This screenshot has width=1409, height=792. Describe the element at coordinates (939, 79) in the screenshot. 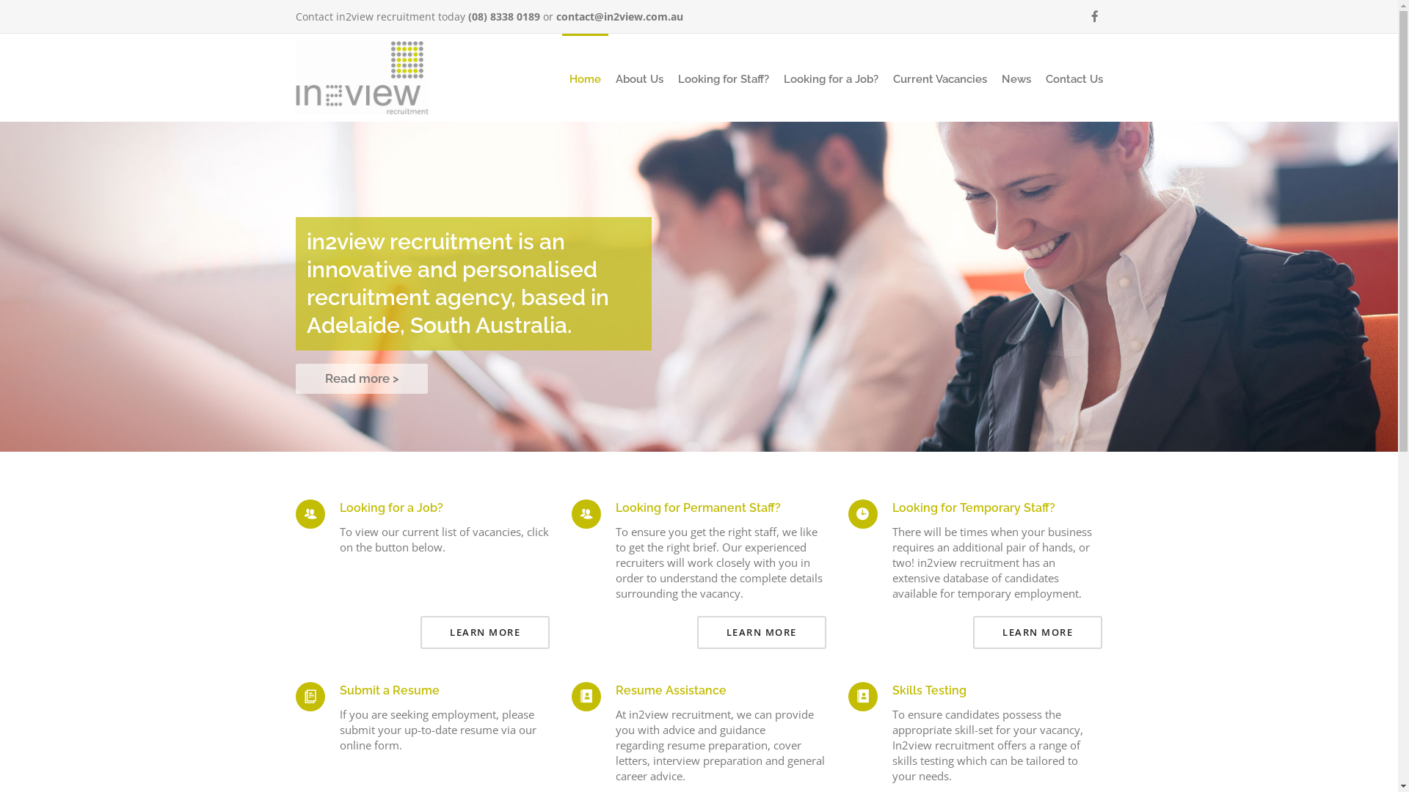

I see `'Current Vacancies'` at that location.